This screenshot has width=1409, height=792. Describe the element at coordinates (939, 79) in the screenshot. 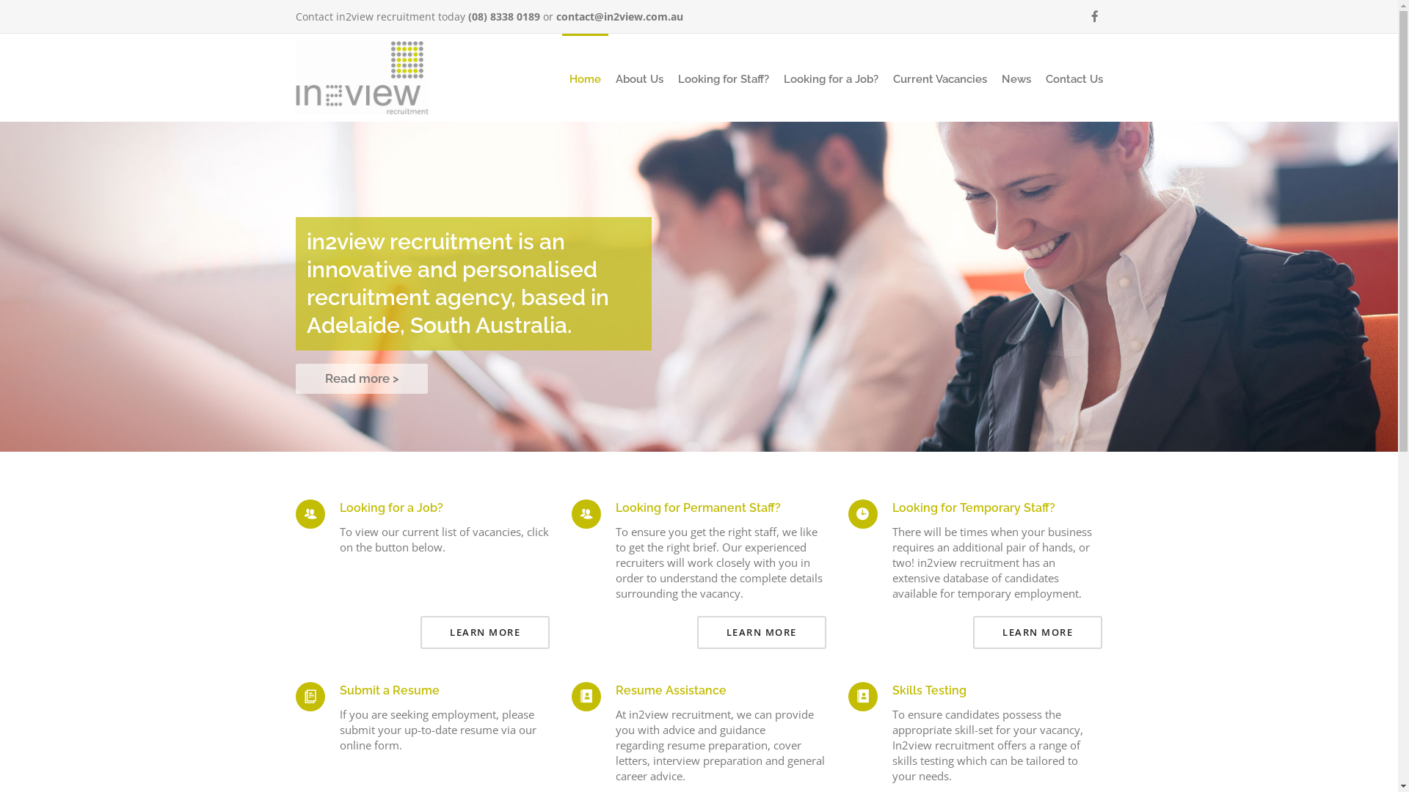

I see `'Current Vacancies'` at that location.